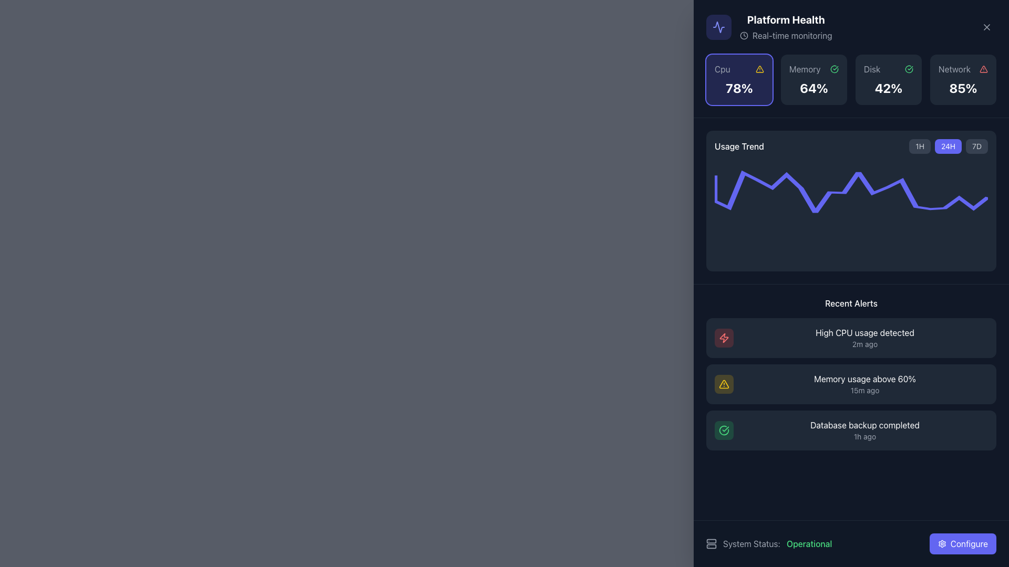 Image resolution: width=1009 pixels, height=567 pixels. What do you see at coordinates (954, 69) in the screenshot?
I see `the label indicating the Network metric, located at the top right of the interface next to an alert icon` at bounding box center [954, 69].